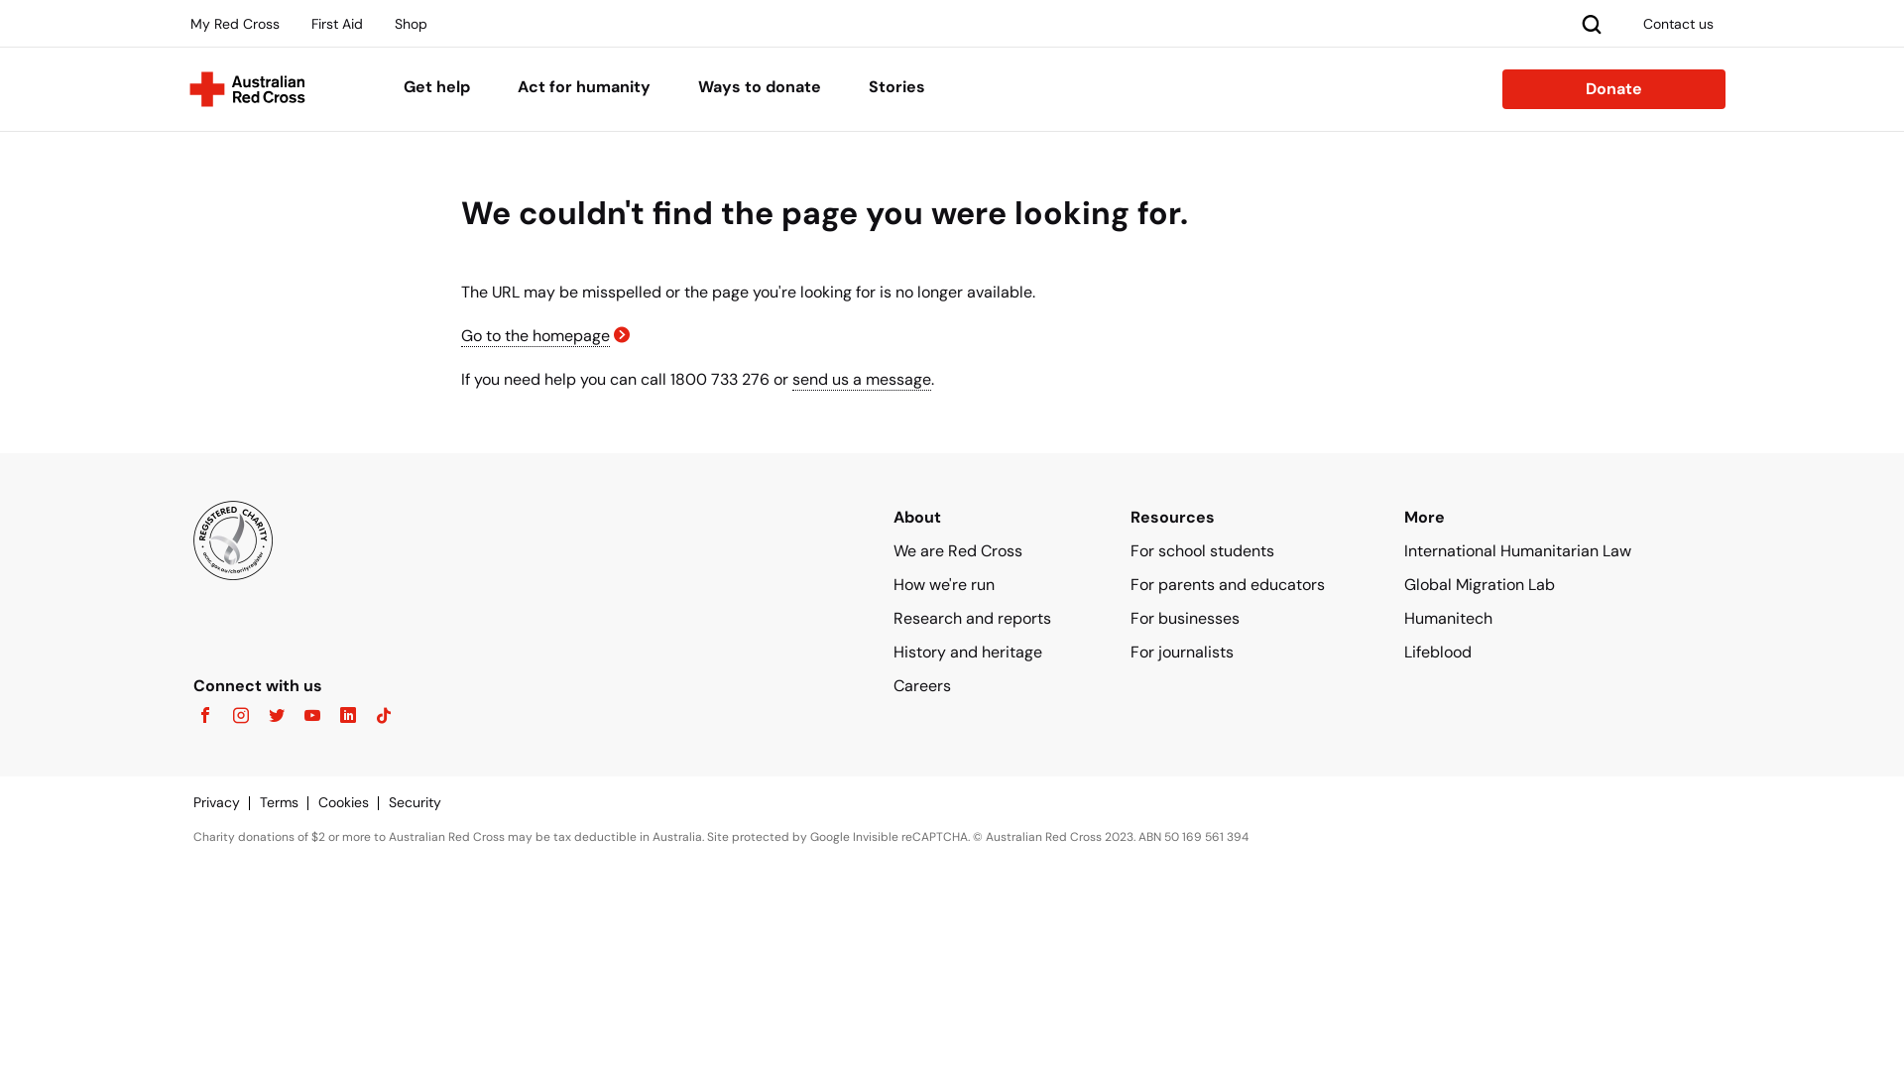  Describe the element at coordinates (251, 716) in the screenshot. I see `'twitter'` at that location.